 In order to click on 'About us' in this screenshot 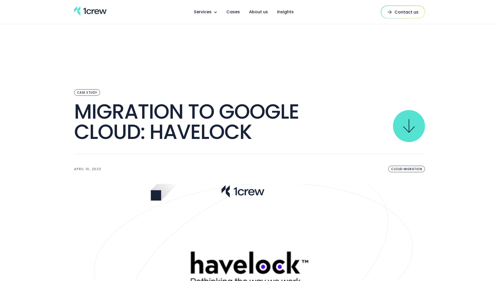, I will do `click(249, 12)`.